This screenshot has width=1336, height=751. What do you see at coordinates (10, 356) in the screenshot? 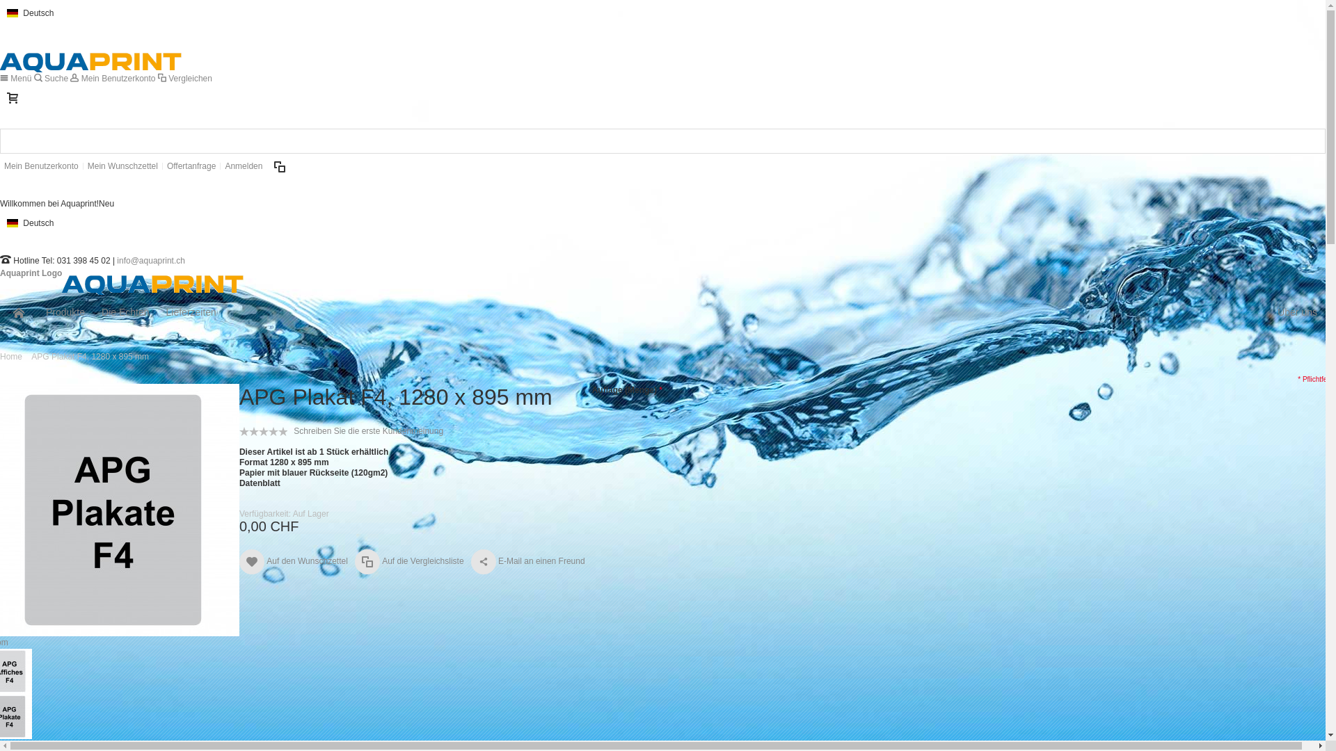
I see `'Home'` at bounding box center [10, 356].